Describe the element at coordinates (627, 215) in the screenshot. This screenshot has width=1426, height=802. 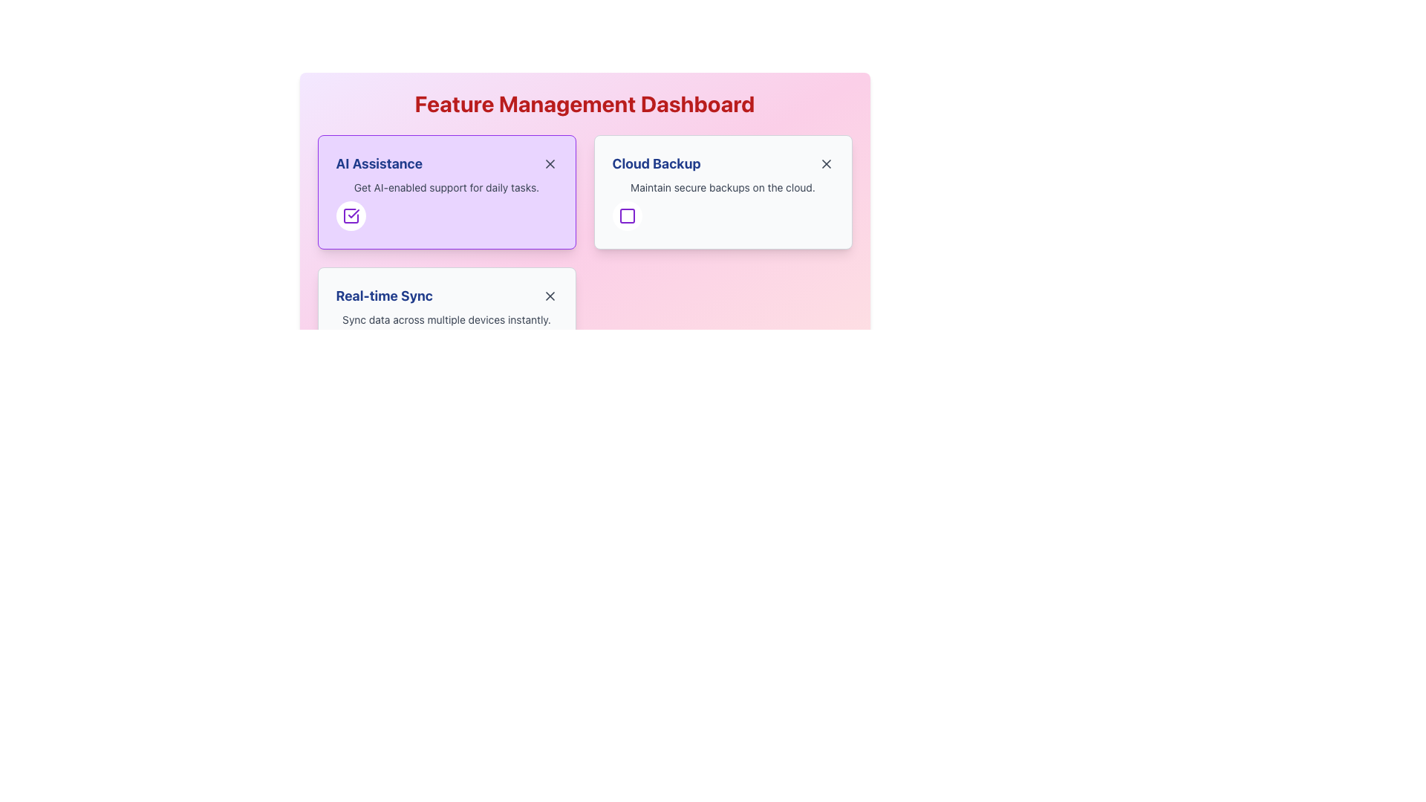
I see `the square-shaped icon with a purple border and rounded corners located within the 'Cloud Backup' section of the 'Feature Management Dashboard'` at that location.